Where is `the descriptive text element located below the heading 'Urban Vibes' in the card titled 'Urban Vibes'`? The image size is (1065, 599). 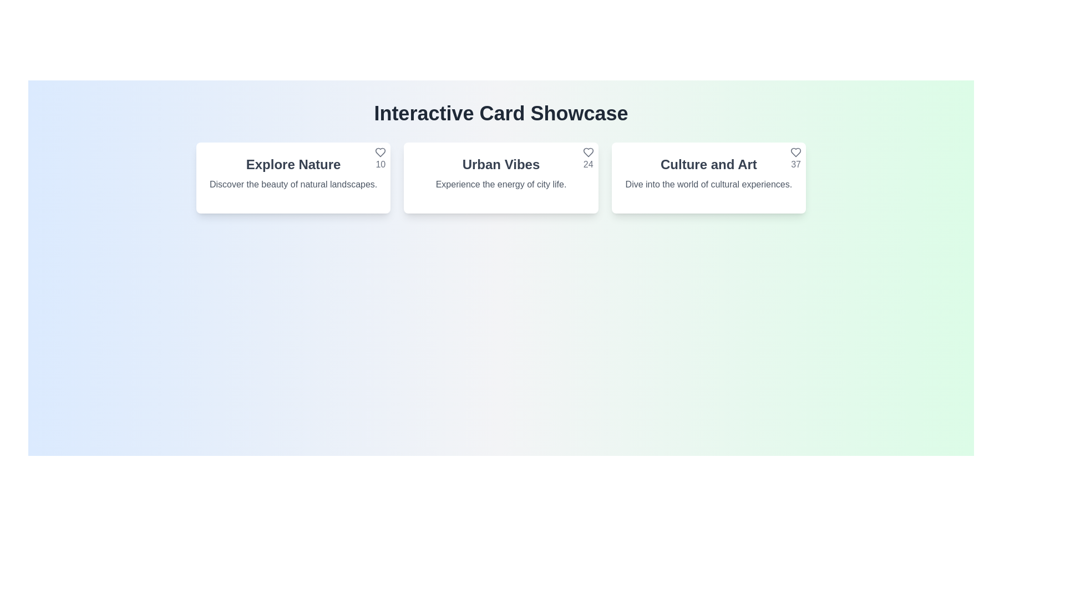 the descriptive text element located below the heading 'Urban Vibes' in the card titled 'Urban Vibes' is located at coordinates (500, 184).